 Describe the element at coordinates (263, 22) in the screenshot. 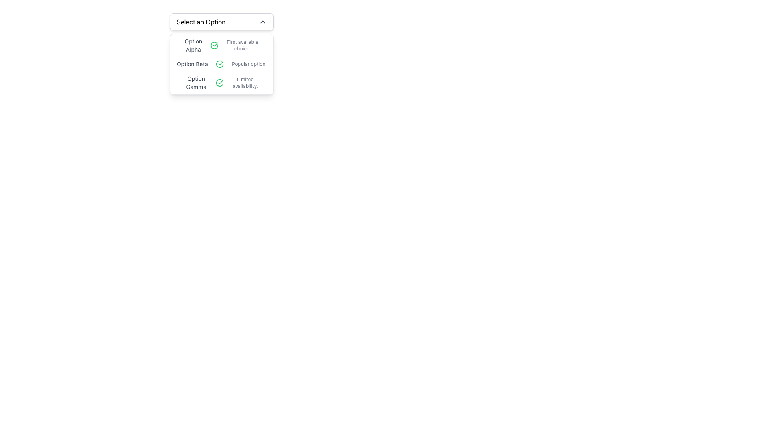

I see `the Chevron Up icon located at the right end of the 'Select an Option' dropdown` at that location.